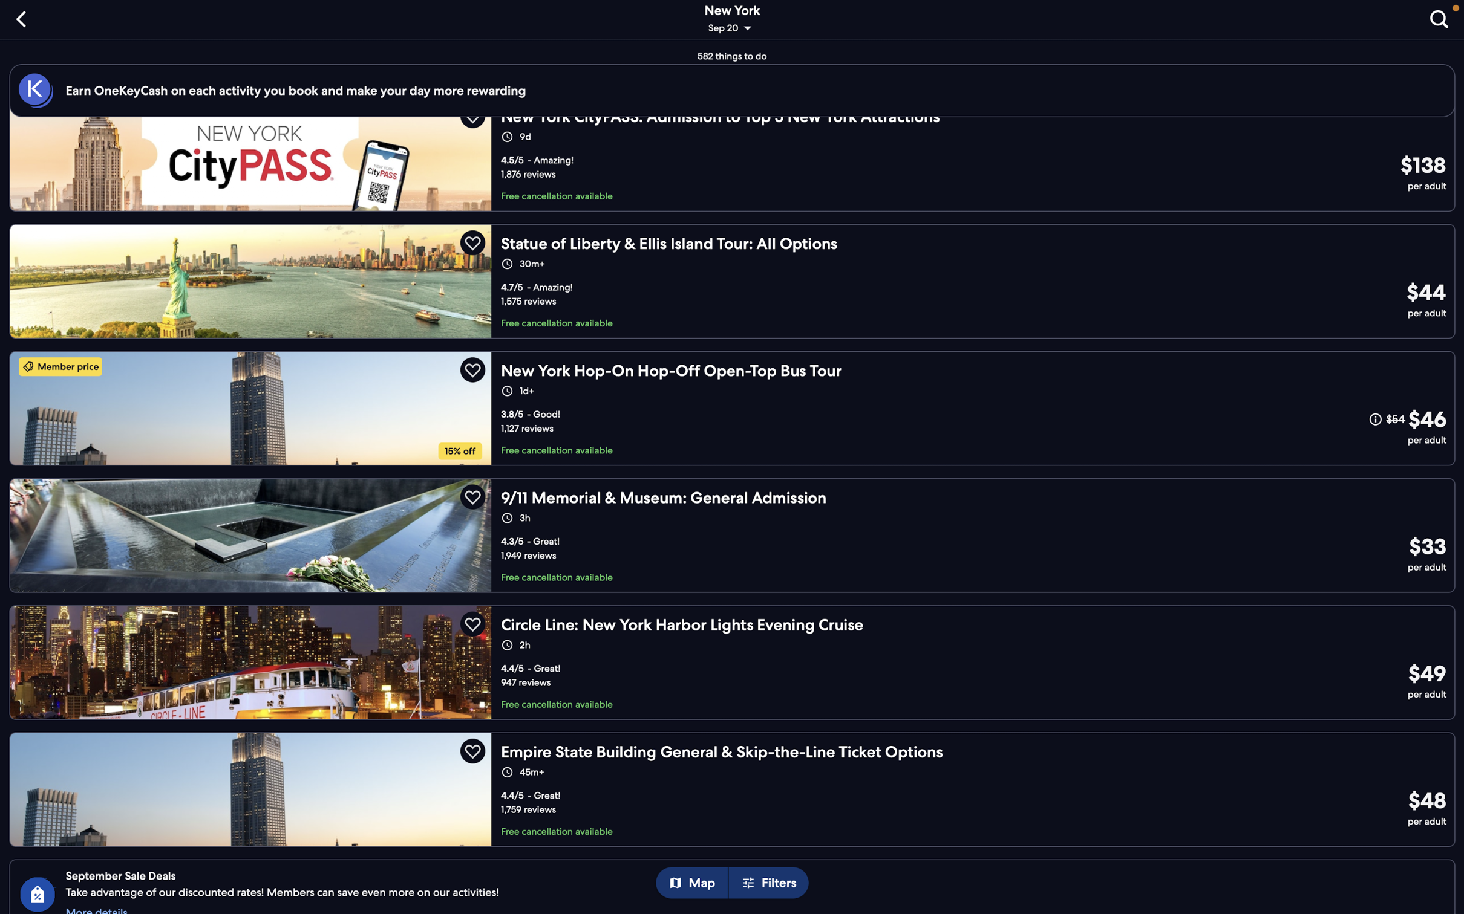 The image size is (1464, 914). What do you see at coordinates (736, 658) in the screenshot?
I see `the circle line tour for viewing New York harbour lights` at bounding box center [736, 658].